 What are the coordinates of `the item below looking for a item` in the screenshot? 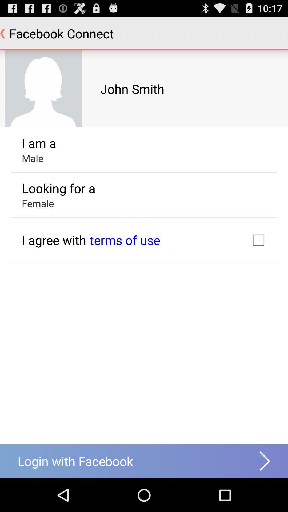 It's located at (125, 240).